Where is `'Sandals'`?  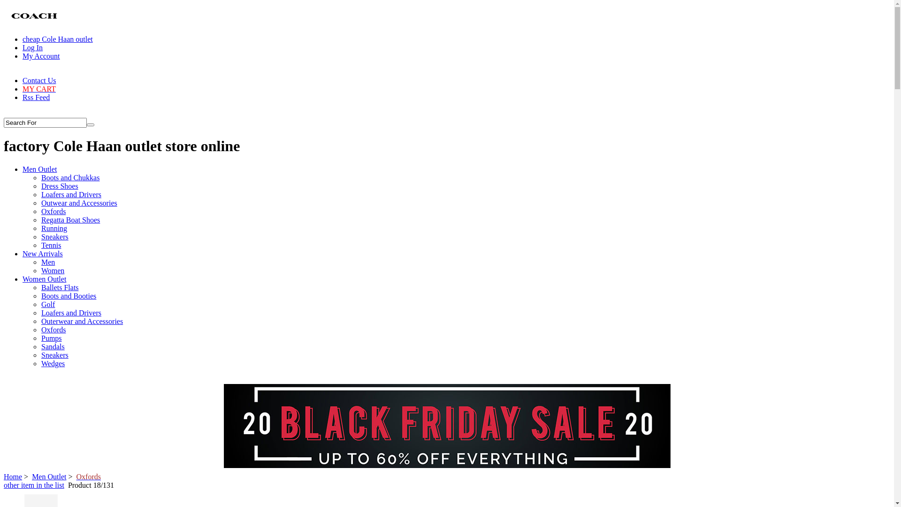 'Sandals' is located at coordinates (53, 346).